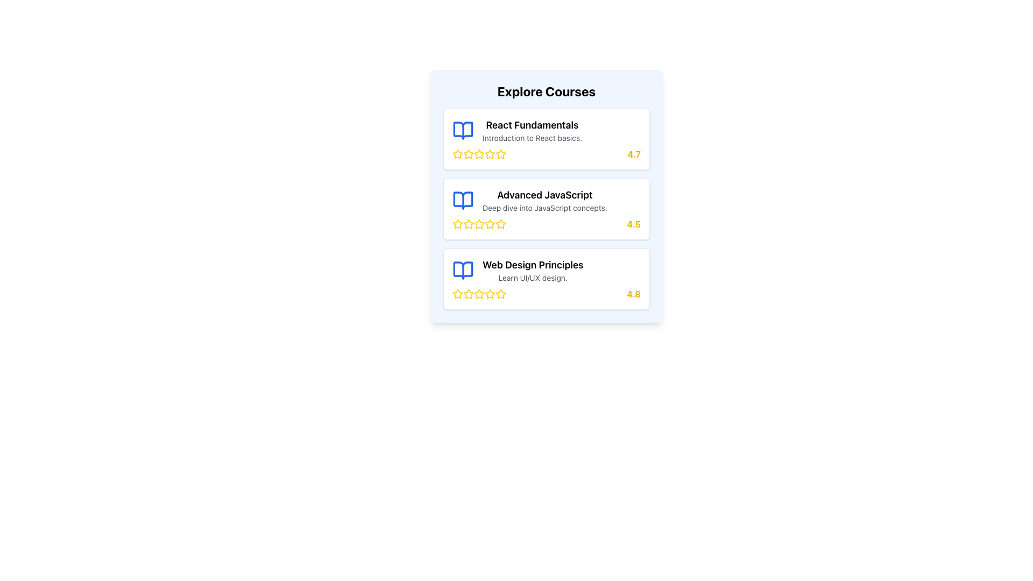  I want to click on the yellow star icon in the star rating component for the course 'Advanced JavaScript', which is the third star in a horizontal sequence indicating a rating of 4.5, so click(490, 223).